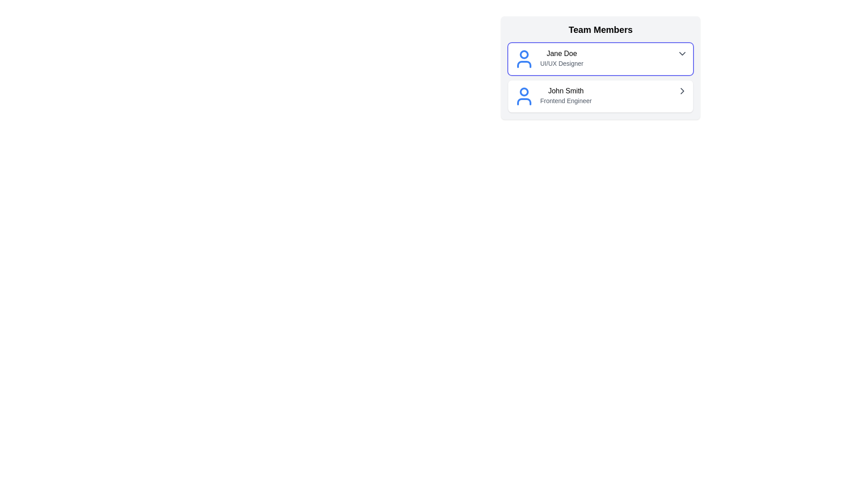  I want to click on the text label displaying 'Jane Doe', so click(561, 53).